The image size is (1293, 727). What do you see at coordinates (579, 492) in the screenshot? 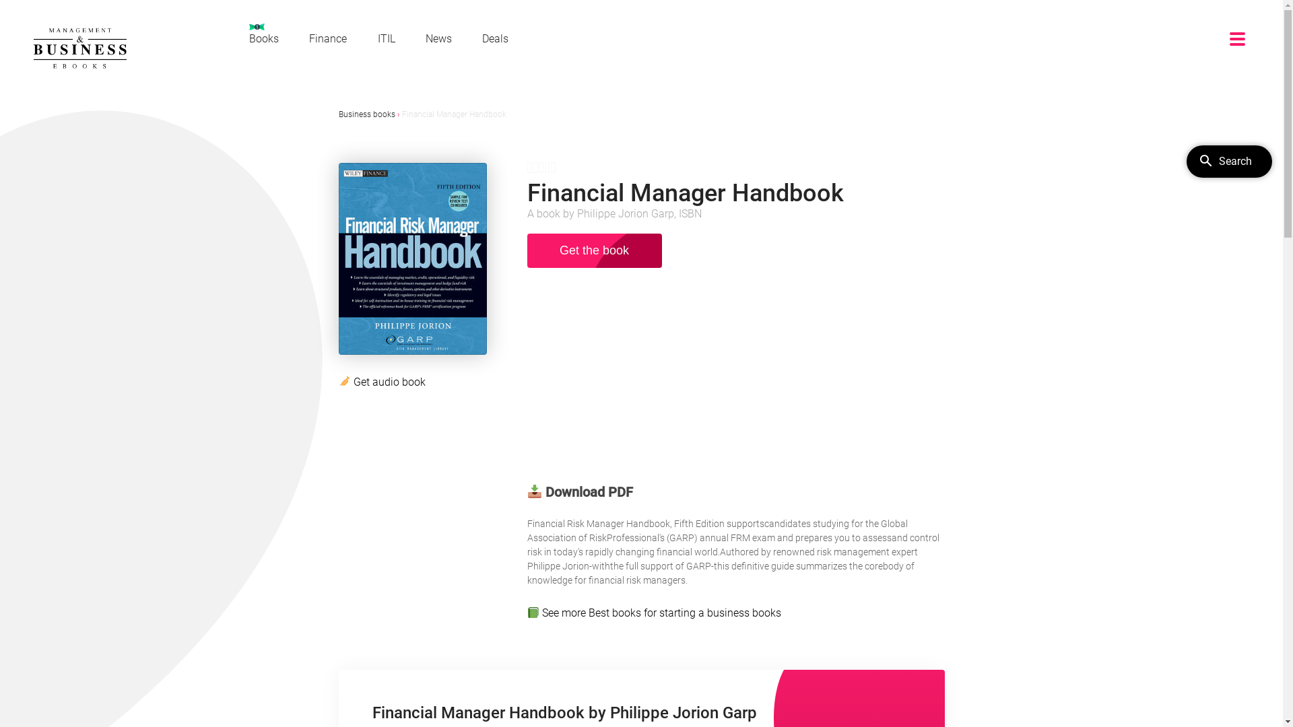
I see `'Download PDF'` at bounding box center [579, 492].